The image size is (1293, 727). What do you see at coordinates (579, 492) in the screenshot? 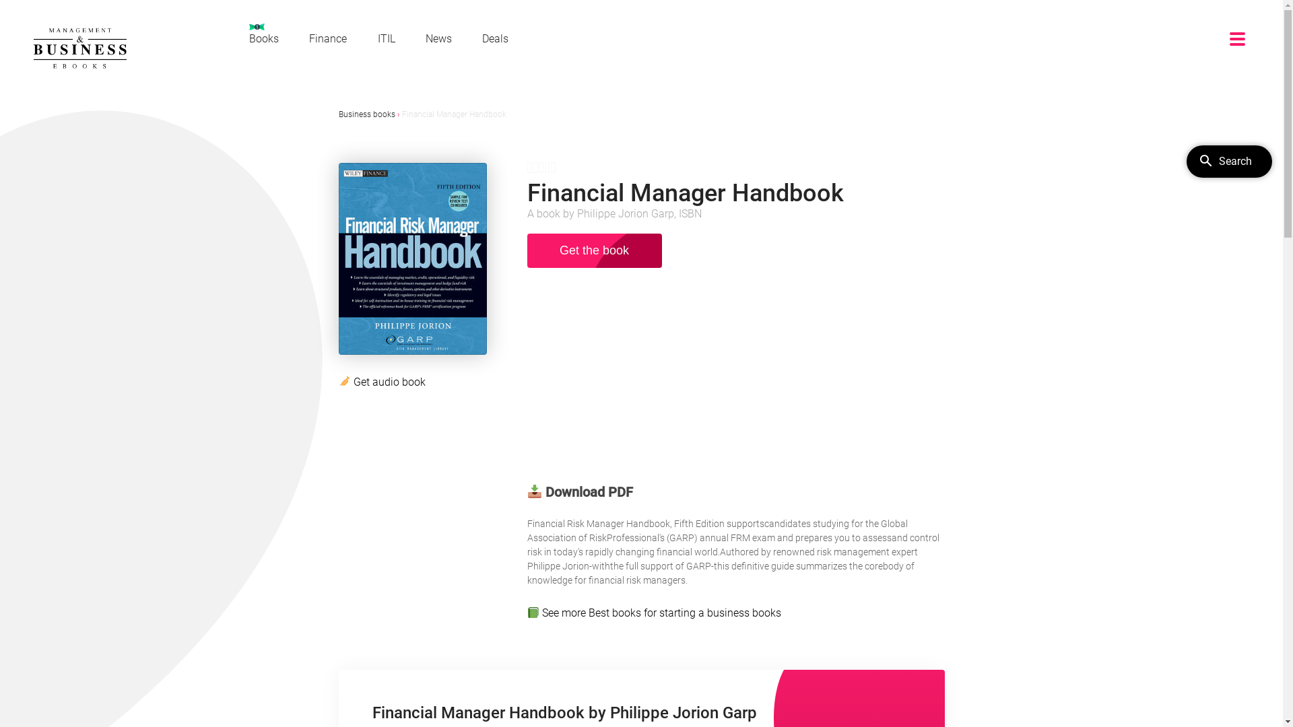
I see `'Download PDF'` at bounding box center [579, 492].